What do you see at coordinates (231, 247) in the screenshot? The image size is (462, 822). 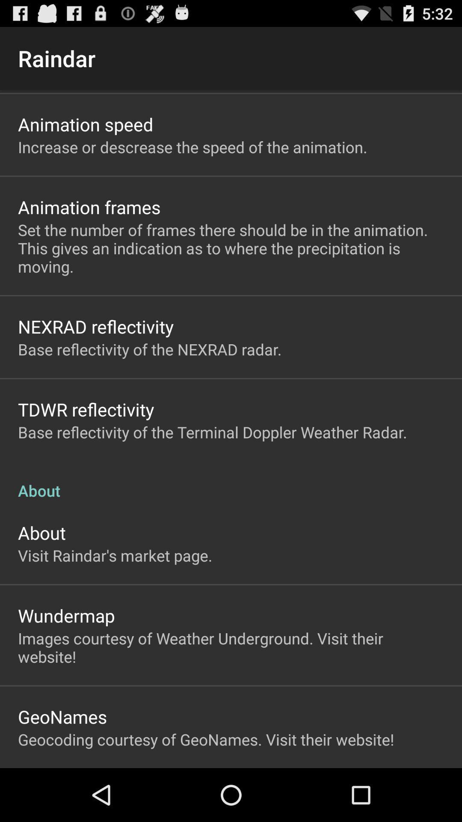 I see `the set the number item` at bounding box center [231, 247].